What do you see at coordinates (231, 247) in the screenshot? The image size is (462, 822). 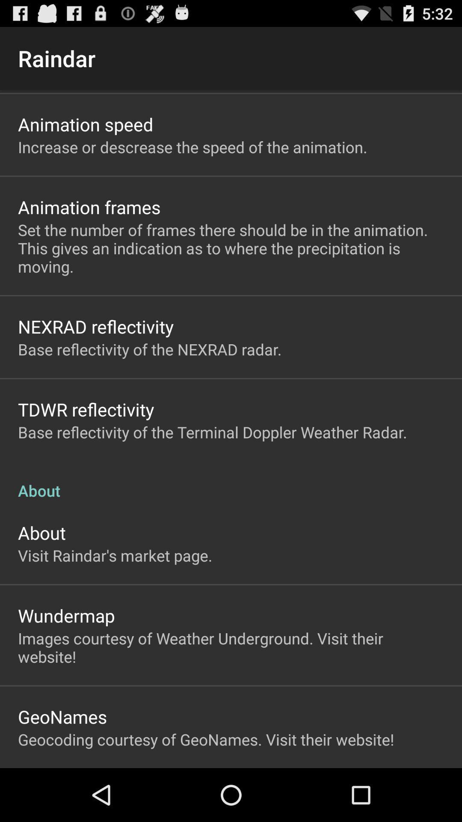 I see `the set the number item` at bounding box center [231, 247].